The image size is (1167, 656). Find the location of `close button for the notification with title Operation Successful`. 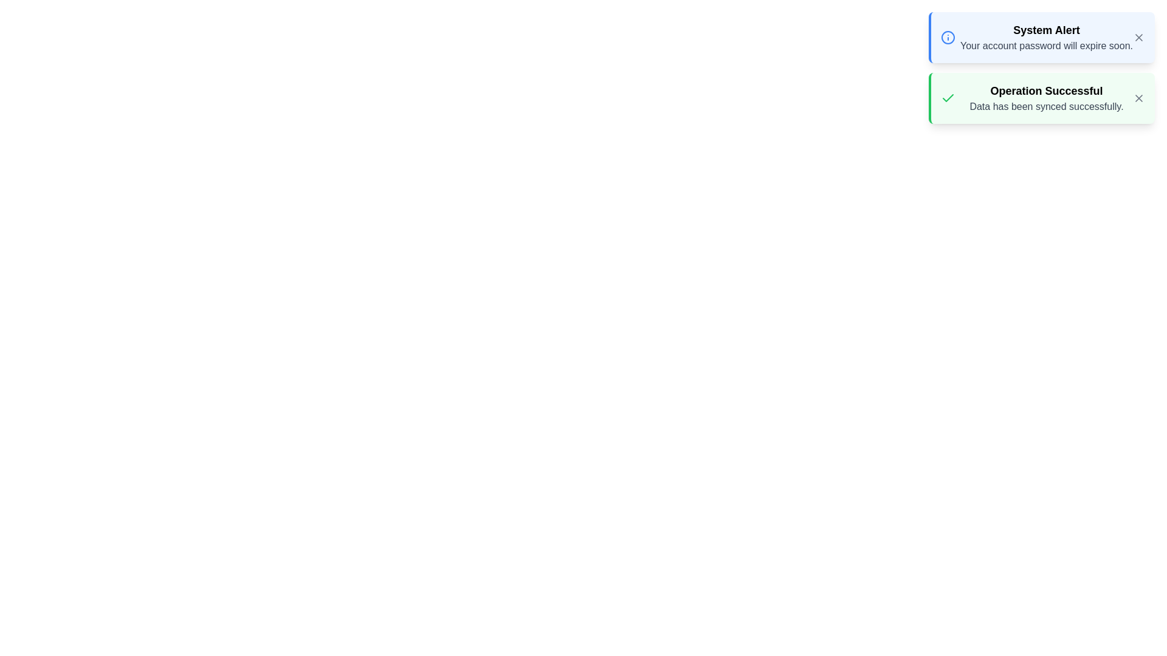

close button for the notification with title Operation Successful is located at coordinates (1138, 98).